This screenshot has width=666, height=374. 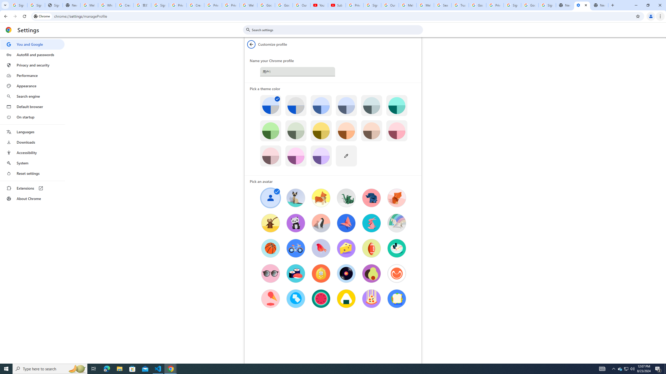 What do you see at coordinates (32, 44) in the screenshot?
I see `'You and Google'` at bounding box center [32, 44].